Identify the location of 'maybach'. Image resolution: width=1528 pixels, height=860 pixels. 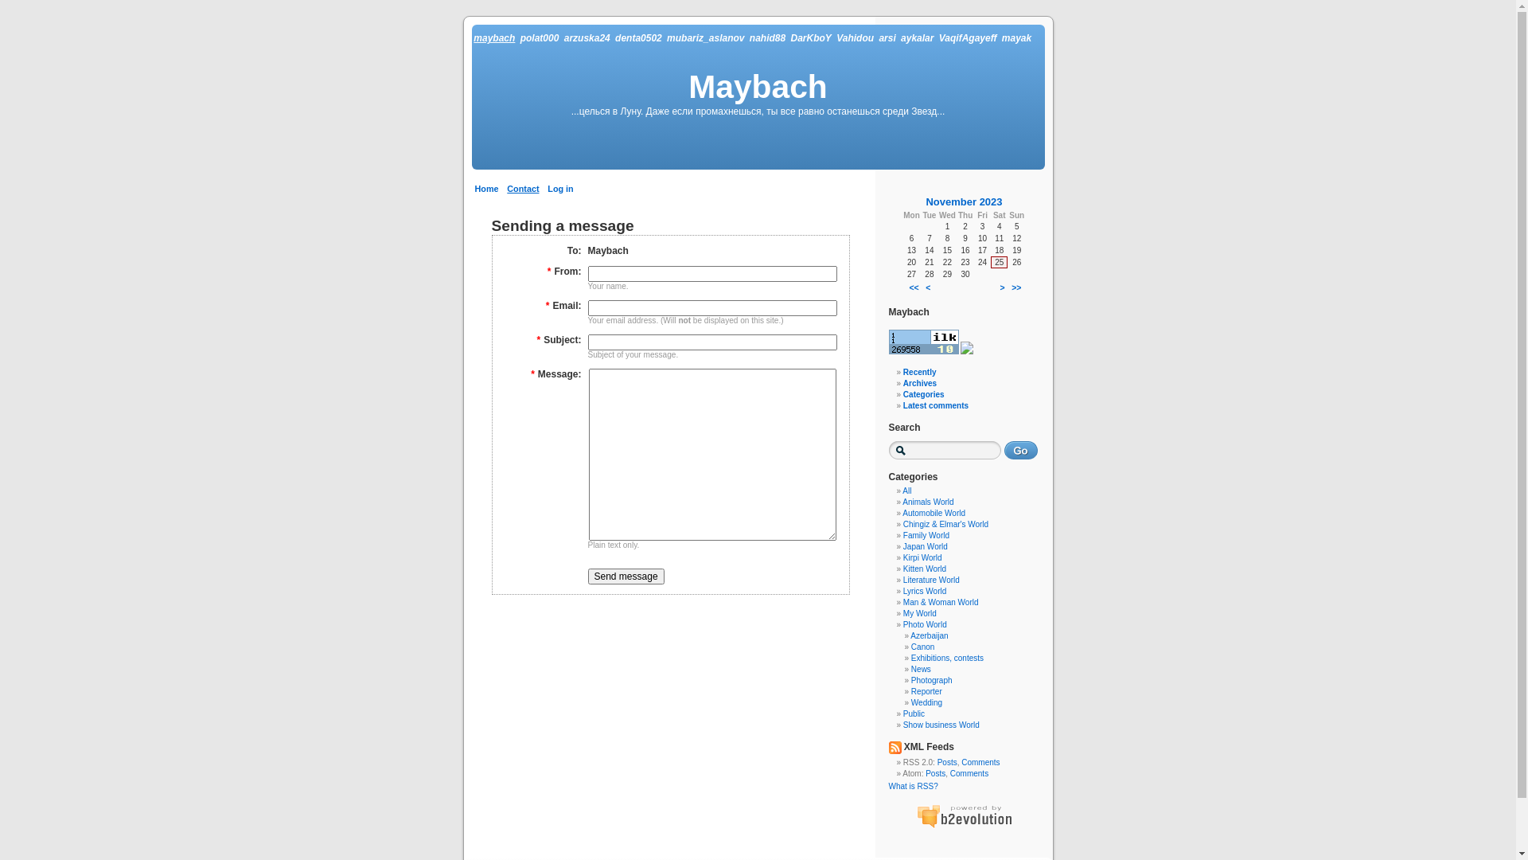
(473, 37).